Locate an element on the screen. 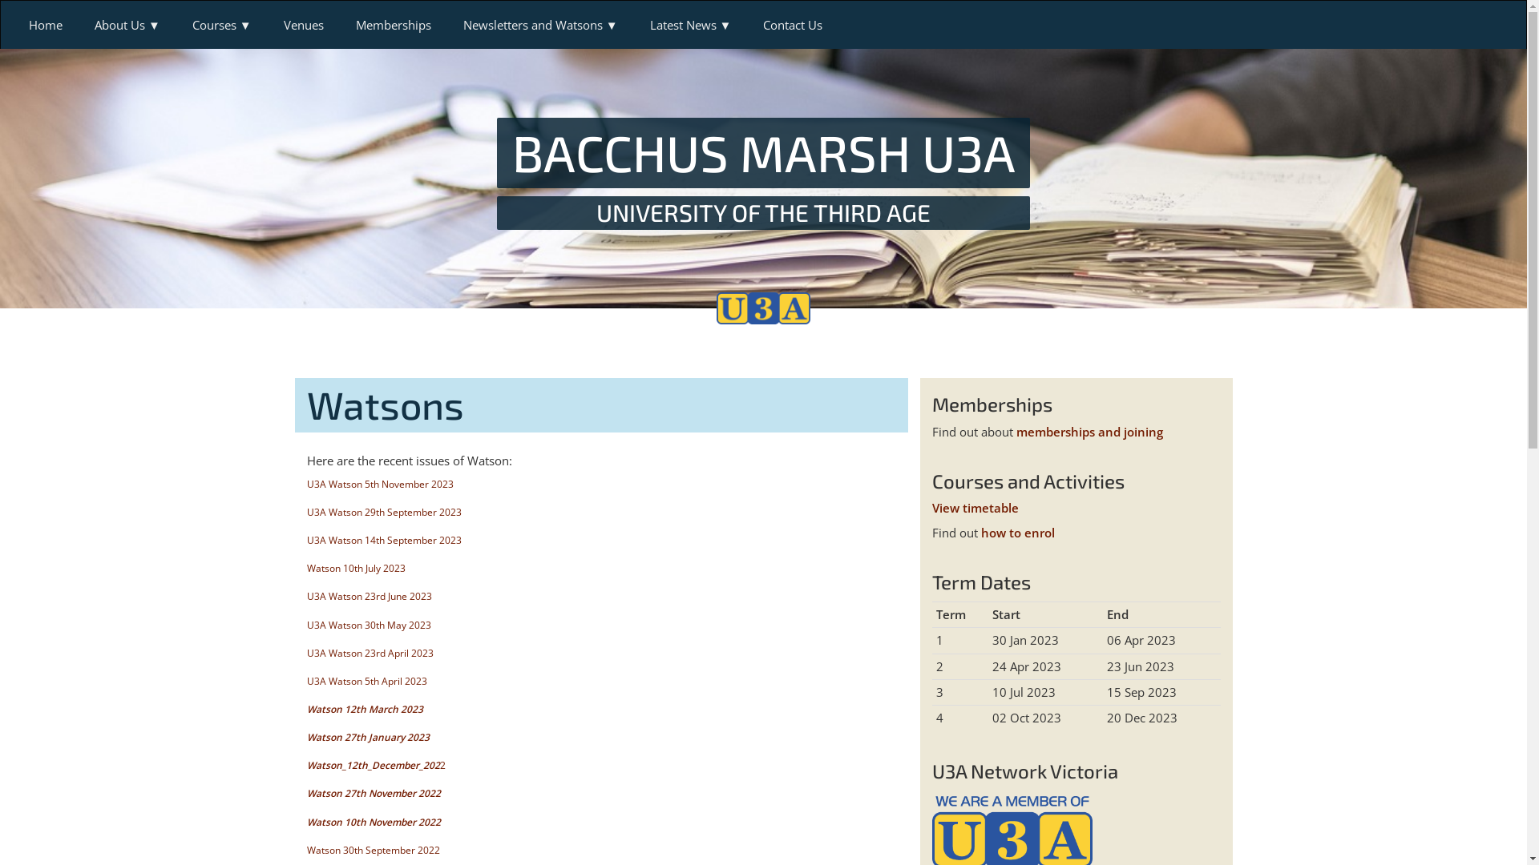 The image size is (1539, 865). 'Courses' is located at coordinates (221, 24).